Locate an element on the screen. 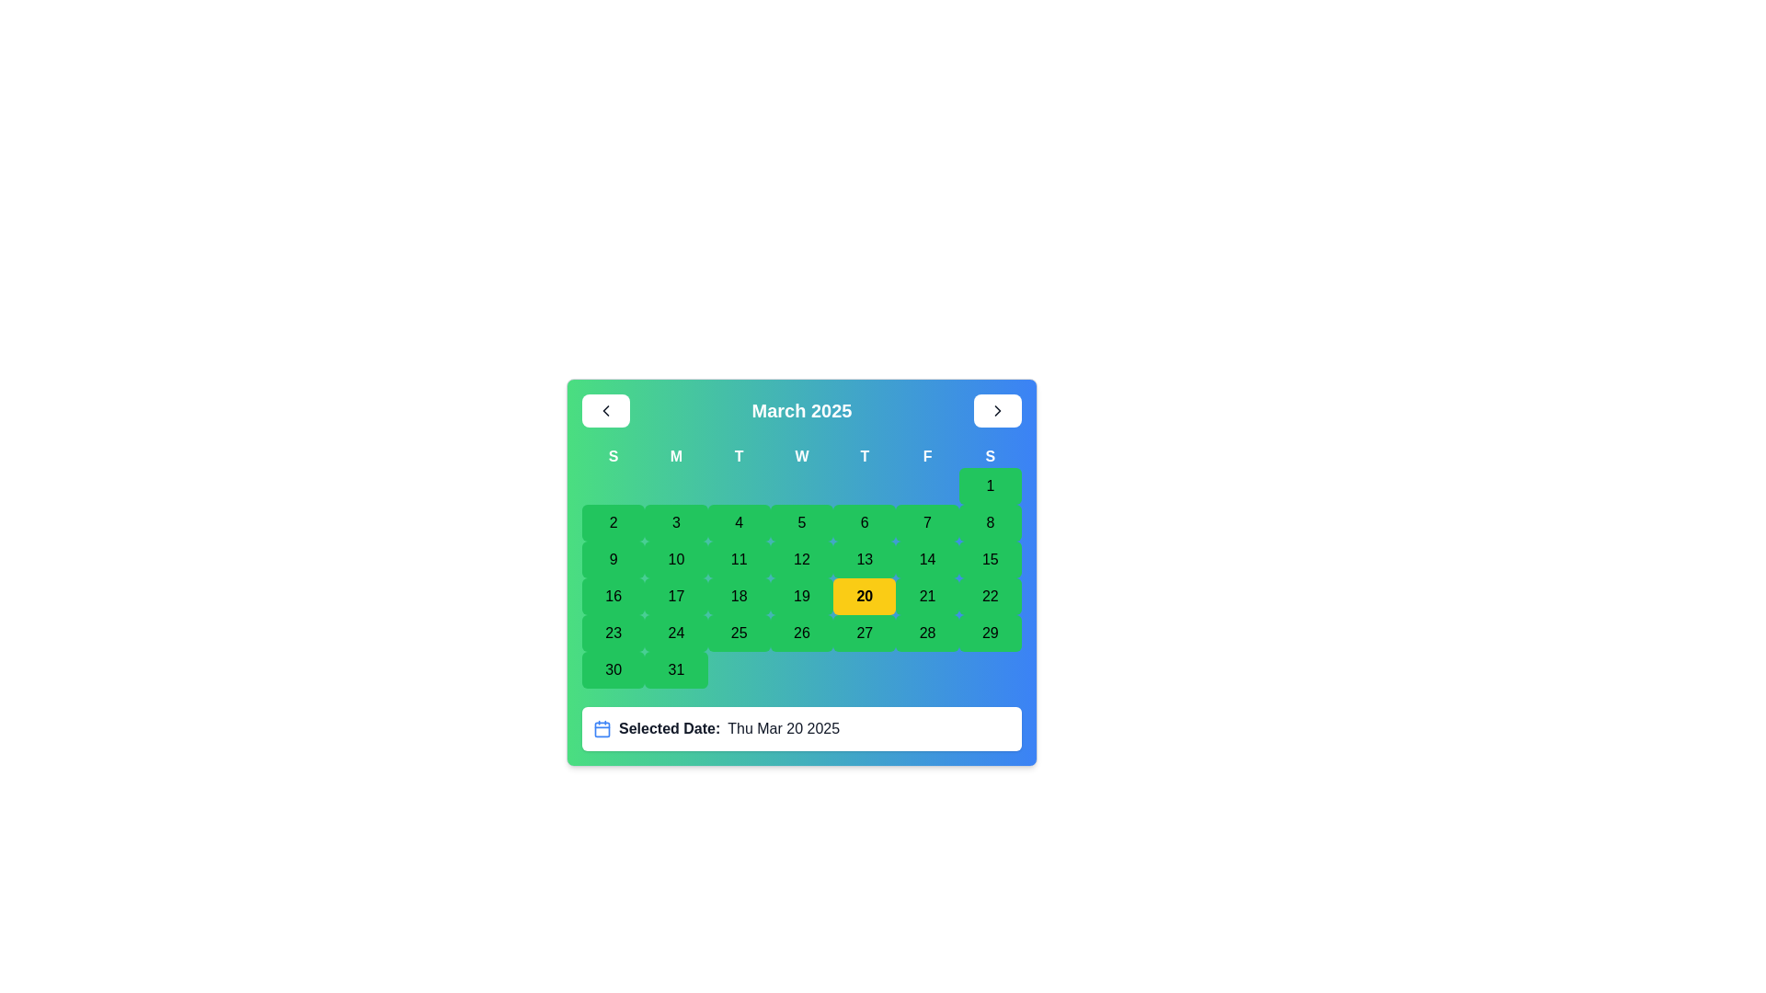 This screenshot has width=1766, height=993. the green button displaying '13' in black text, which is is located at coordinates (864, 559).